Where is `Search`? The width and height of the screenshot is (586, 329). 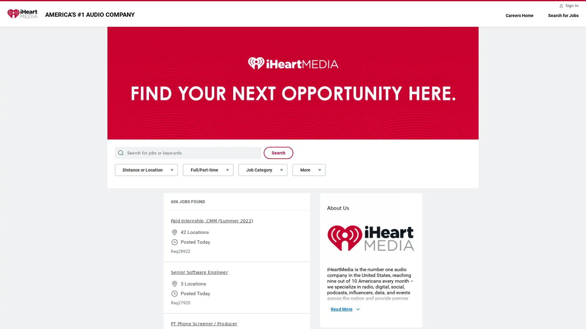 Search is located at coordinates (278, 152).